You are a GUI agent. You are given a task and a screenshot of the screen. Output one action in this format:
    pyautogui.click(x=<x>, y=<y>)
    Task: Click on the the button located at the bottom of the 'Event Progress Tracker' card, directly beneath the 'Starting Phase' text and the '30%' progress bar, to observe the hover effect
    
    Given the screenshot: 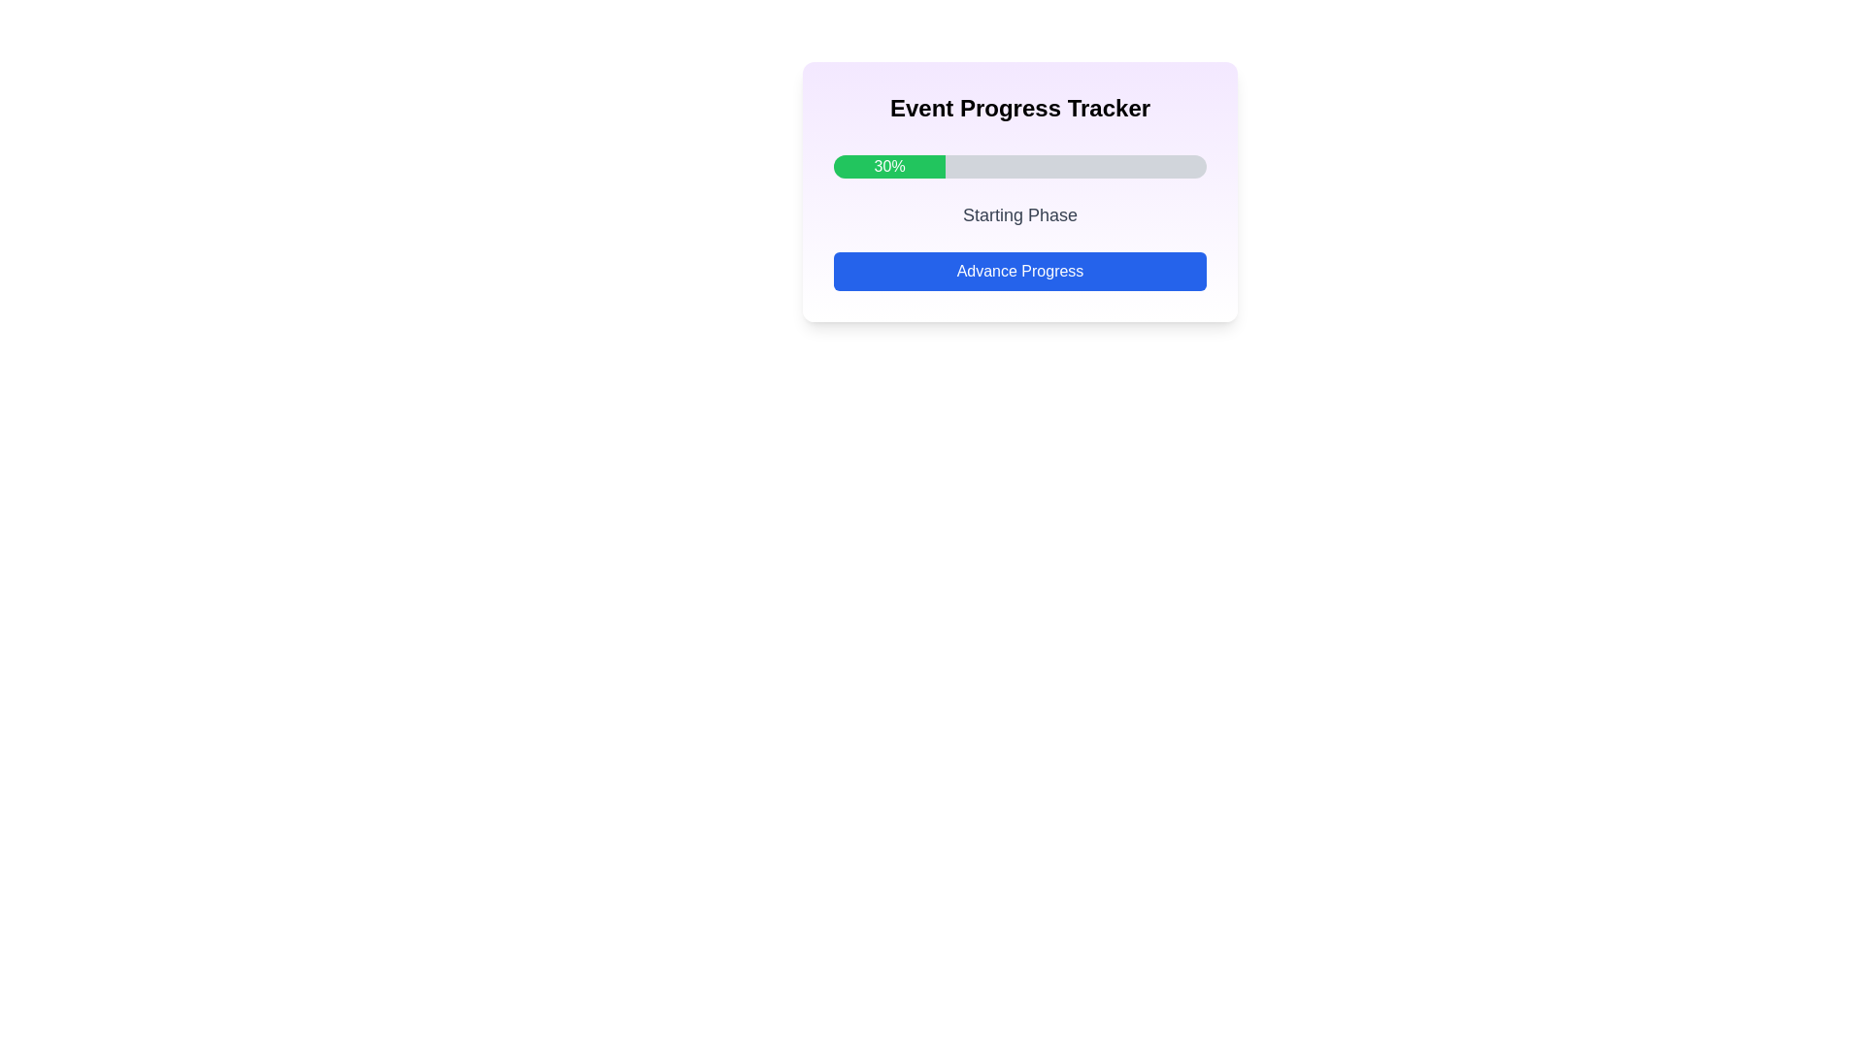 What is the action you would take?
    pyautogui.click(x=1019, y=272)
    